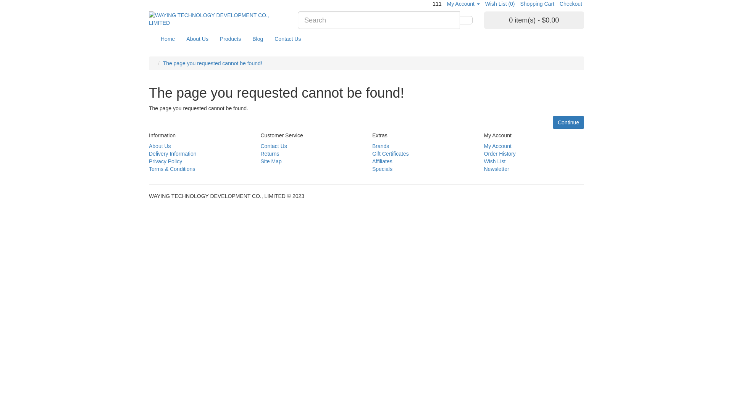 The image size is (733, 412). What do you see at coordinates (270, 153) in the screenshot?
I see `'Returns'` at bounding box center [270, 153].